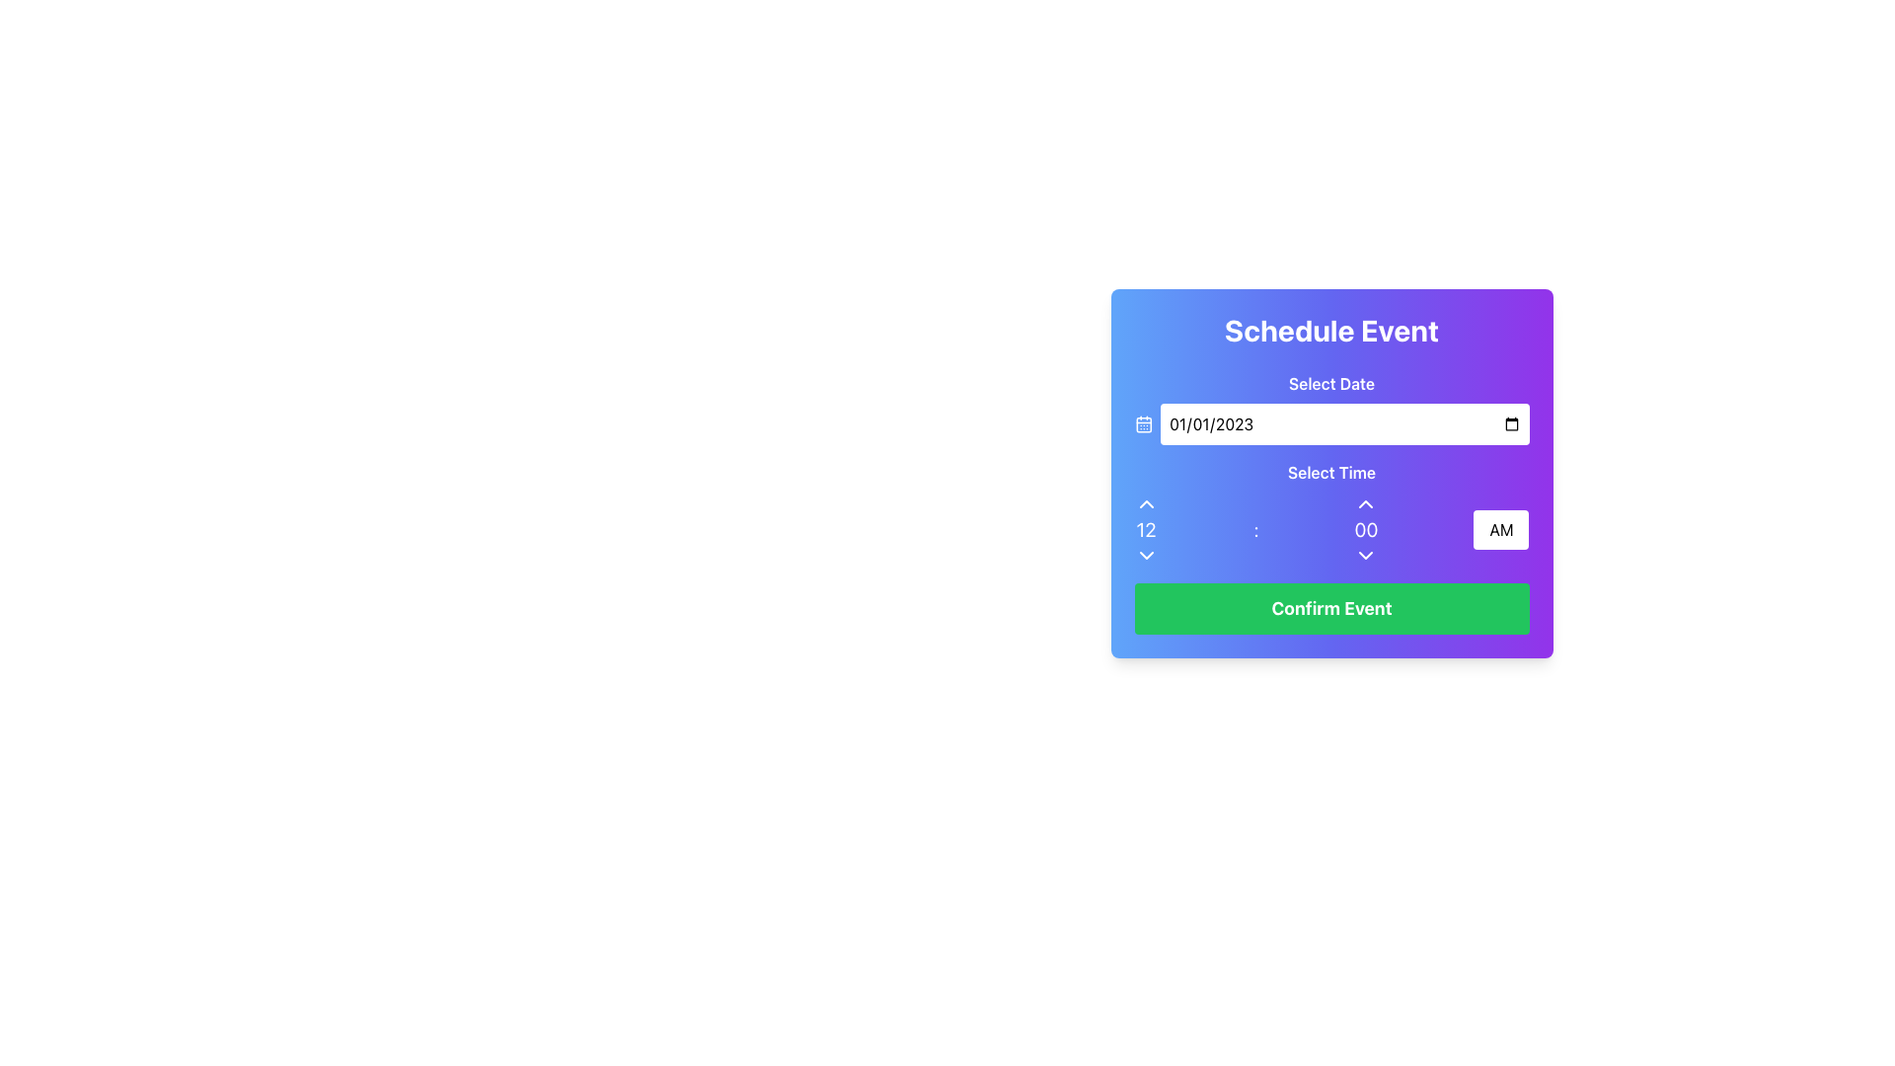  What do you see at coordinates (1331, 608) in the screenshot?
I see `the 'Confirm Event' button, which is a prominent green rectangular button with rounded corners located below the 'Select Time' section in the interface` at bounding box center [1331, 608].